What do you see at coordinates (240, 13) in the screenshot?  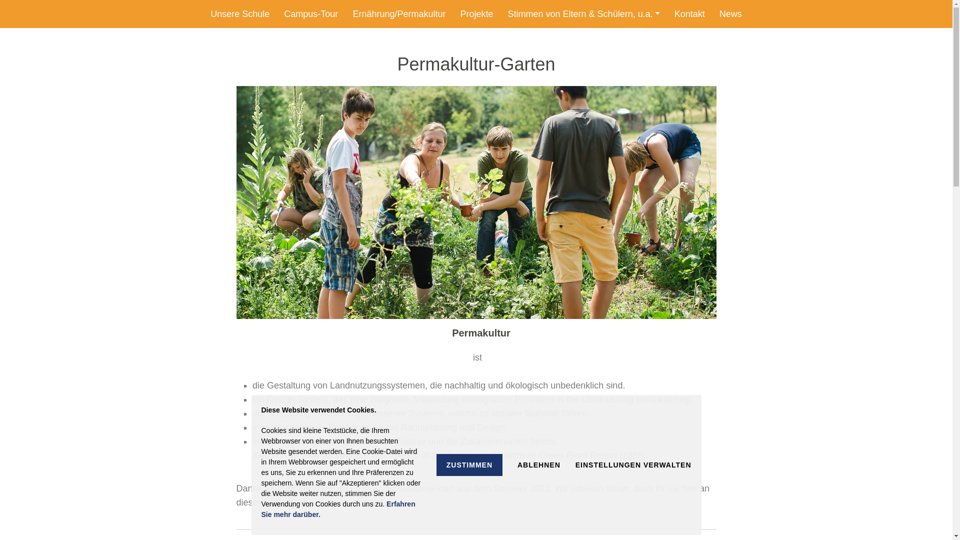 I see `'Unsere Schule'` at bounding box center [240, 13].